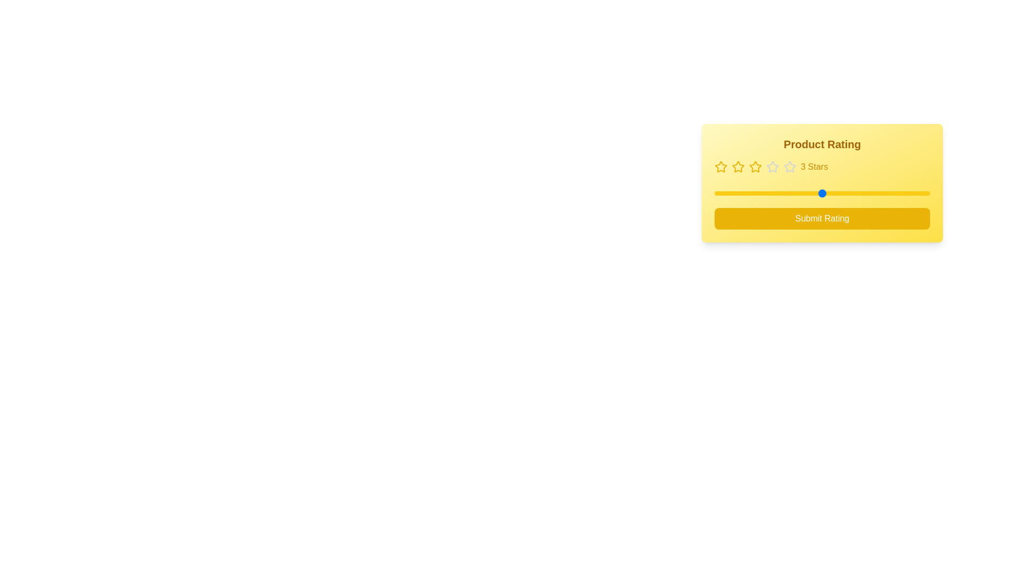 This screenshot has height=582, width=1034. Describe the element at coordinates (754, 167) in the screenshot. I see `the third yellow star icon in the horizontal sequence used for rating, located within the '3 Stars' section` at that location.